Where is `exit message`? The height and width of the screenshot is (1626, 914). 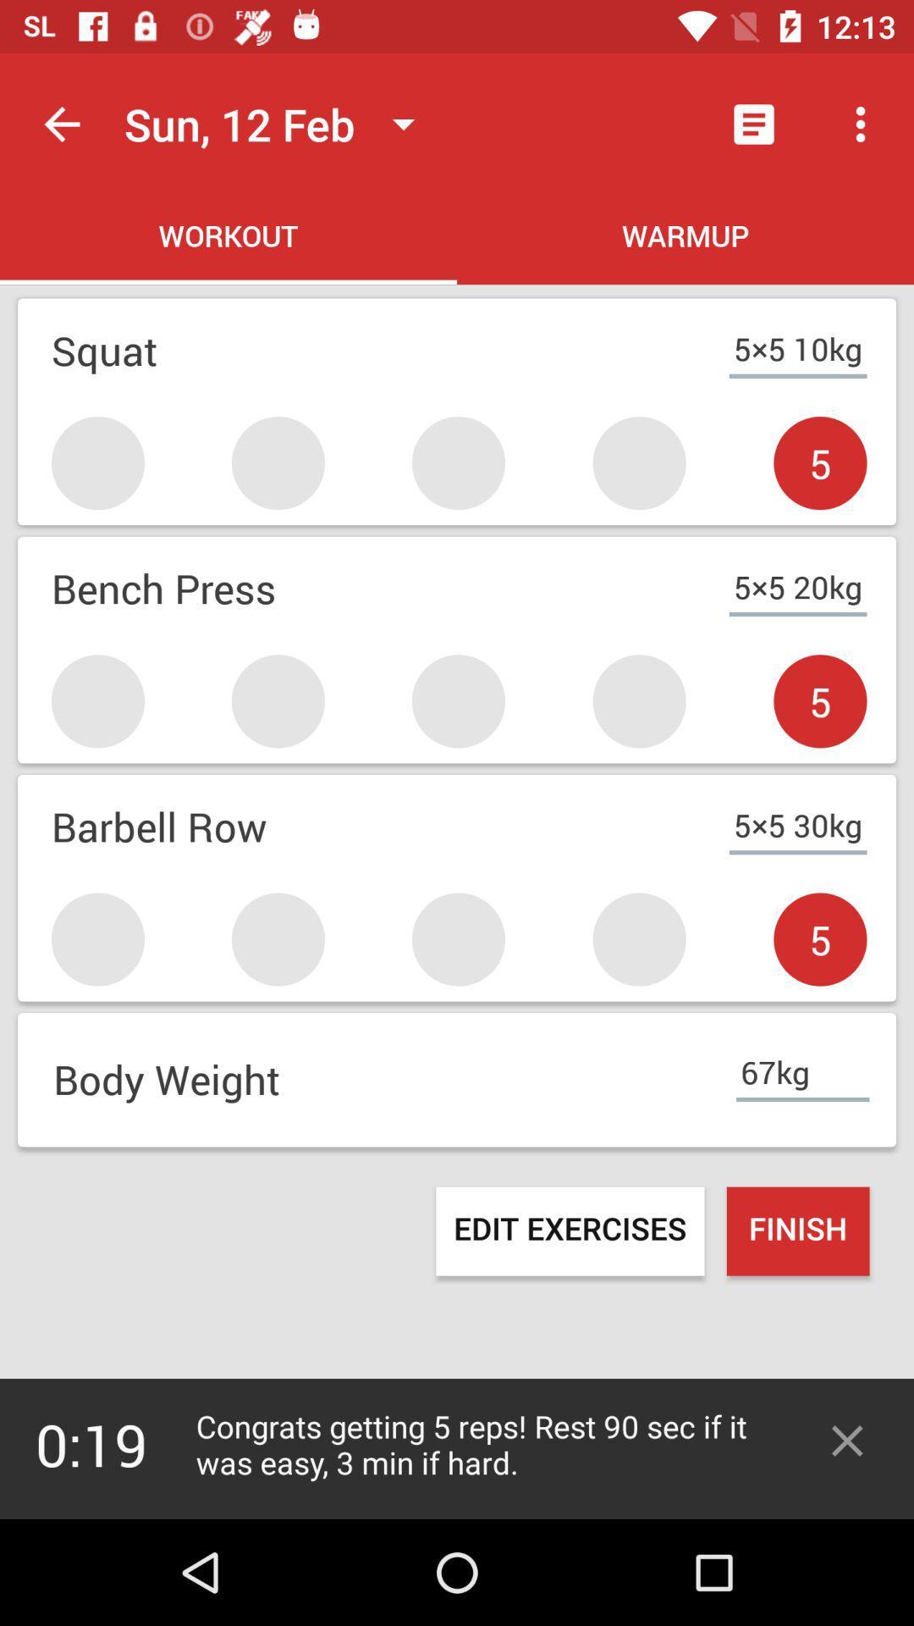
exit message is located at coordinates (847, 1440).